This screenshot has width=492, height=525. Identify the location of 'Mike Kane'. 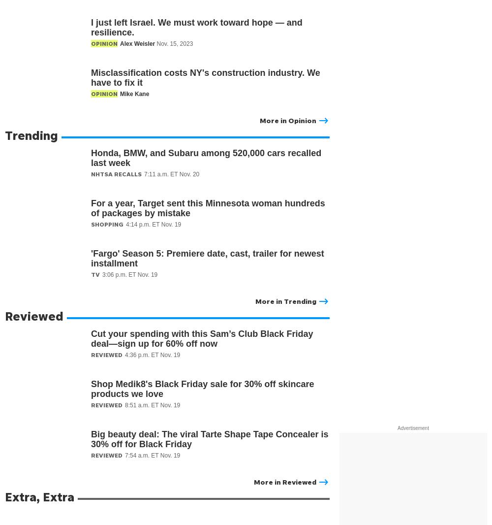
(120, 94).